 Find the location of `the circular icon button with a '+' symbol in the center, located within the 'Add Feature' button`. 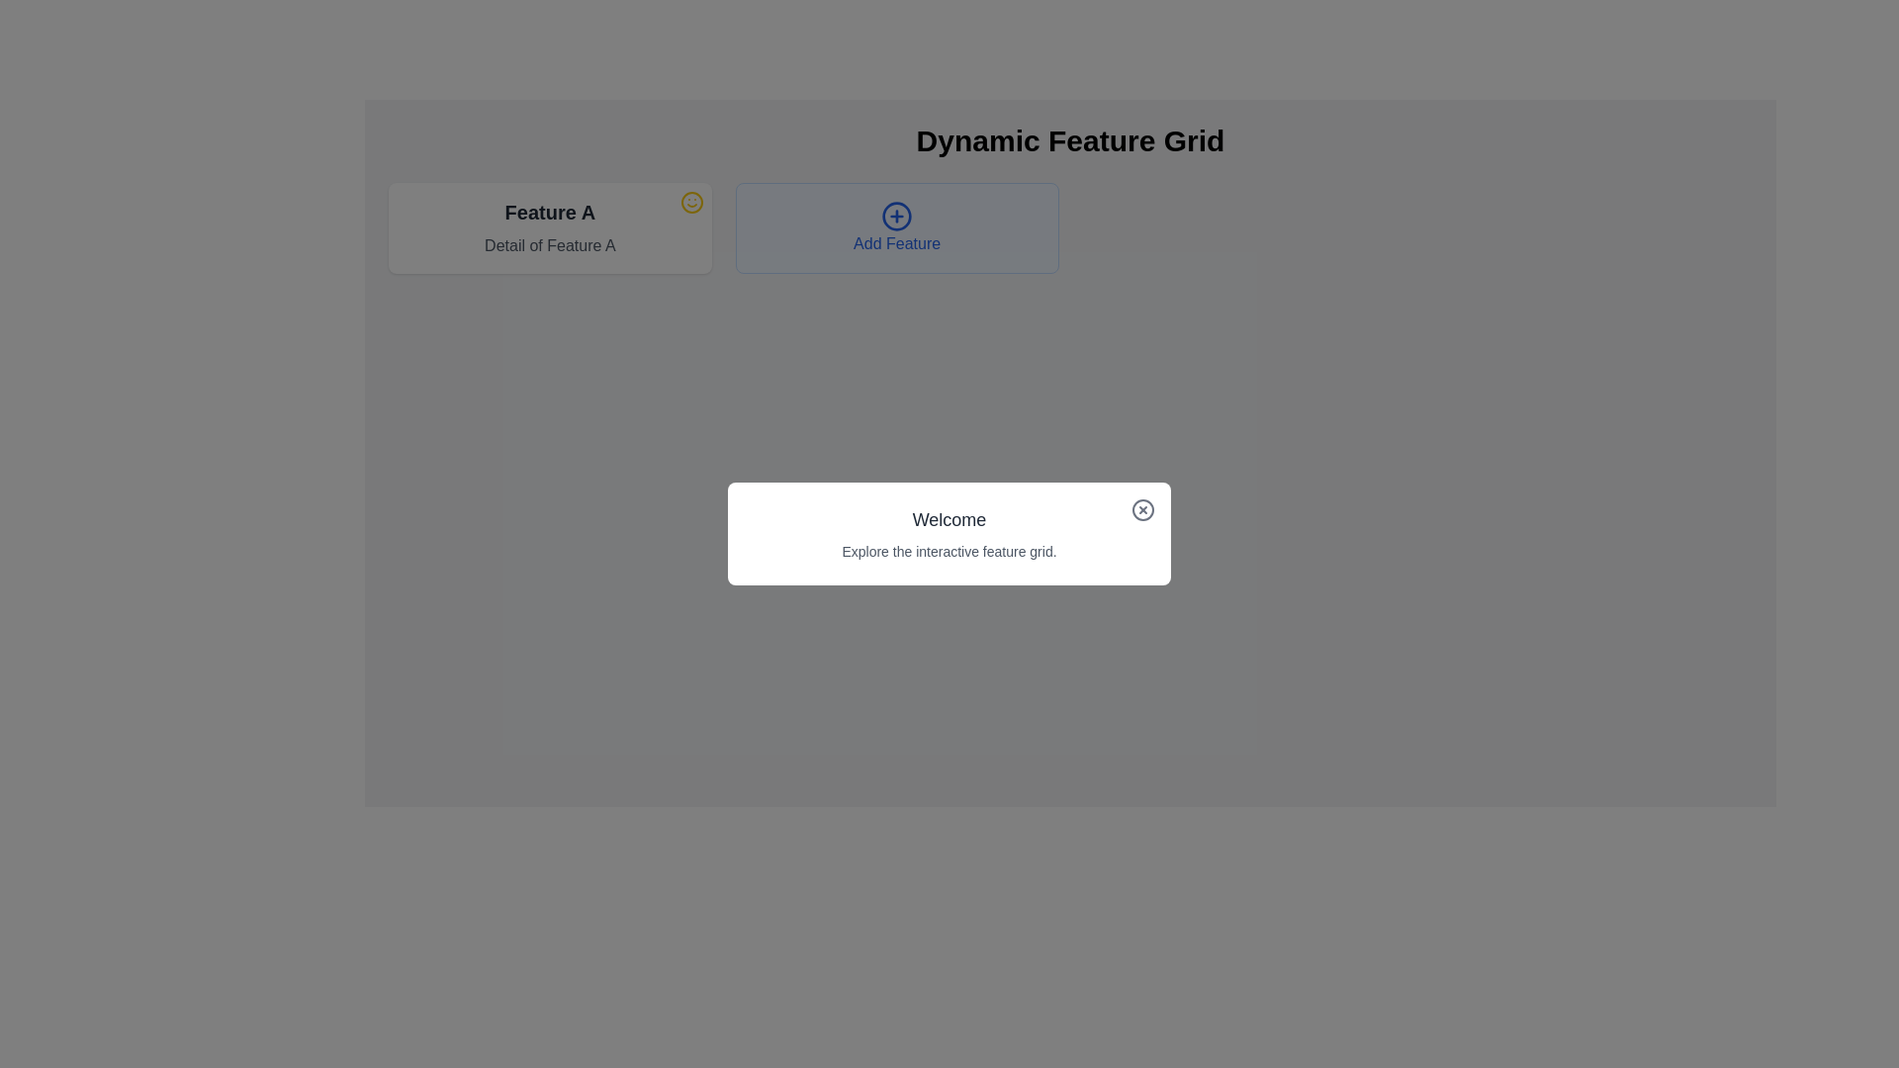

the circular icon button with a '+' symbol in the center, located within the 'Add Feature' button is located at coordinates (896, 217).